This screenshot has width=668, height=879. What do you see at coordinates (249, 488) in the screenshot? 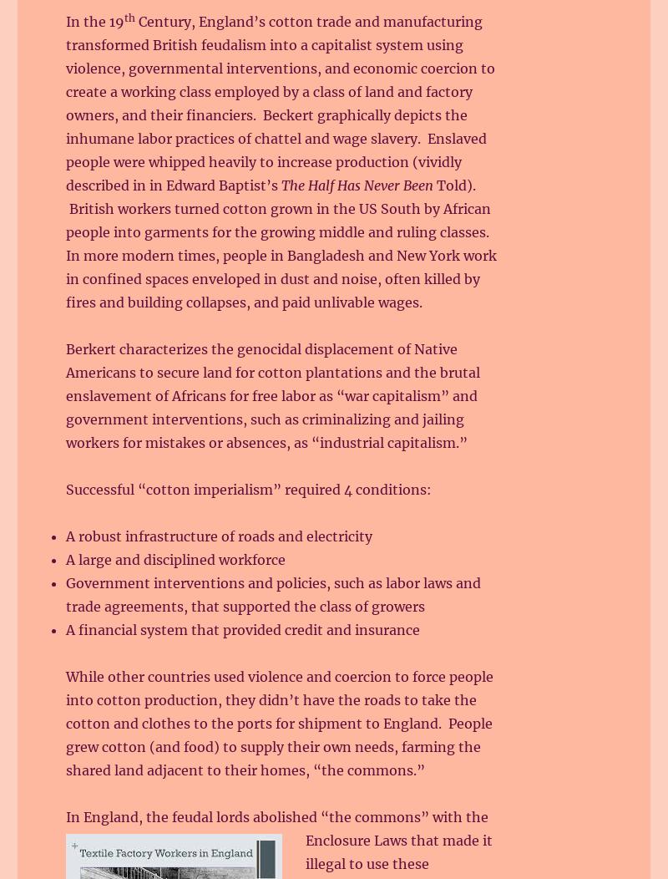
I see `'Successful “cotton imperialism” required 4 conditions:'` at bounding box center [249, 488].